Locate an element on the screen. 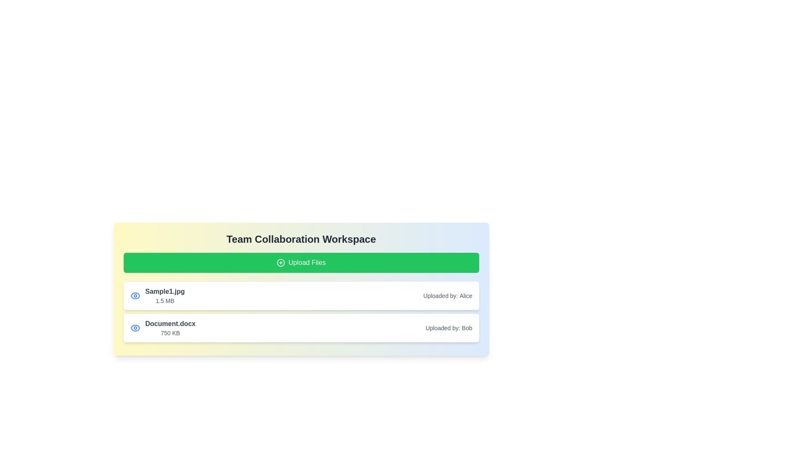  the text label displaying the uploader's name, which is part of the 'Uploaded by: Alice' text group, located to the right of the 'Uploaded by:' label is located at coordinates (465, 295).